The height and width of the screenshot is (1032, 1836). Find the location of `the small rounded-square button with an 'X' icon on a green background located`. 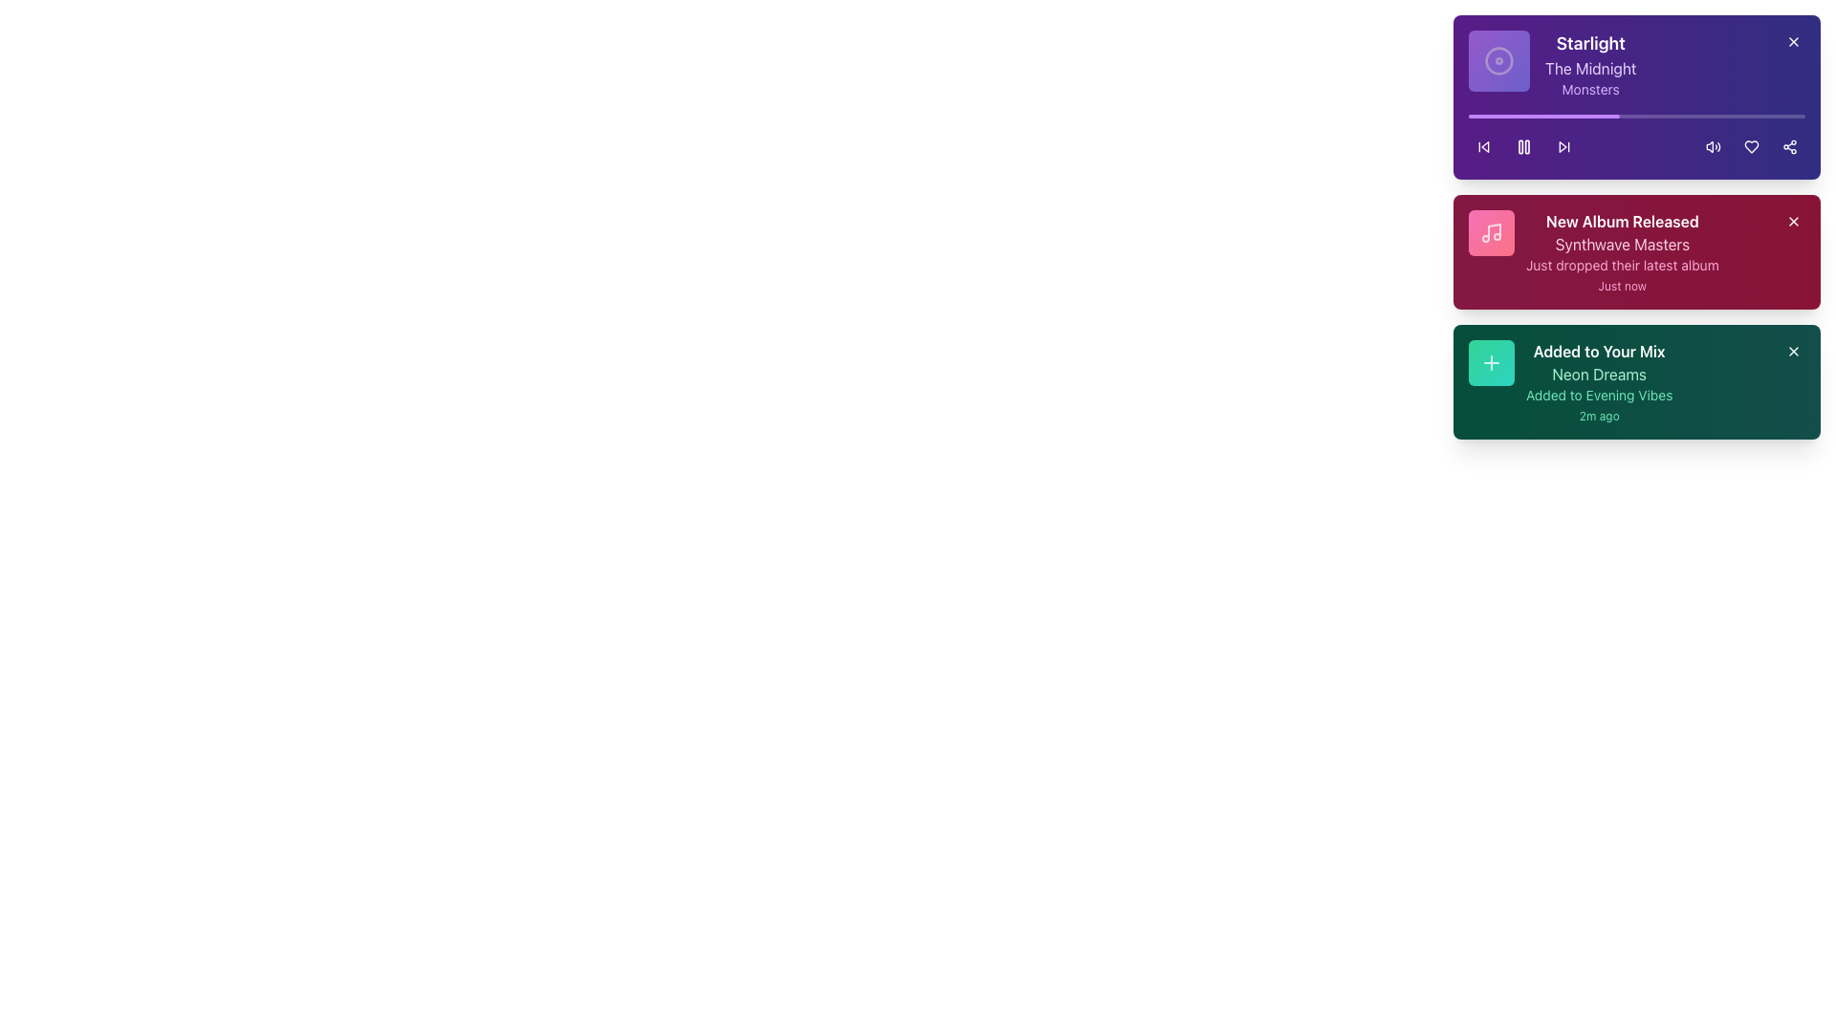

the small rounded-square button with an 'X' icon on a green background located is located at coordinates (1793, 351).